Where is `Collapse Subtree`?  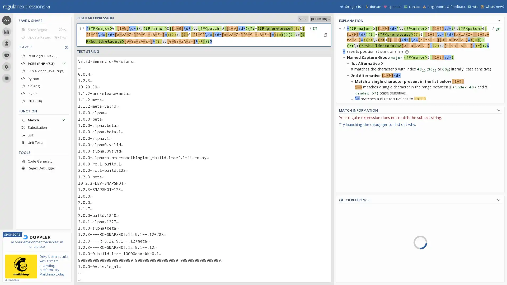
Collapse Subtree is located at coordinates (349, 207).